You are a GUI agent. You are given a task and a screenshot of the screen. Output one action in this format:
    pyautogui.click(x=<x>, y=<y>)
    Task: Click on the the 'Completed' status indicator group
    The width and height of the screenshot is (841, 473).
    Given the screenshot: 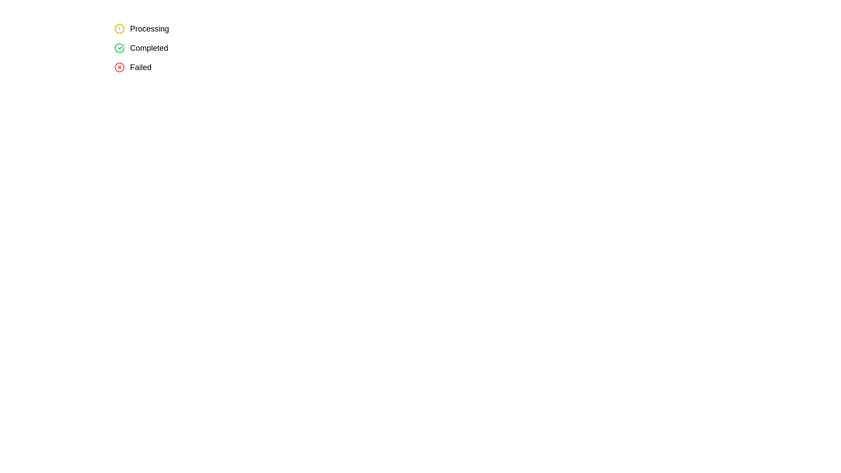 What is the action you would take?
    pyautogui.click(x=141, y=48)
    